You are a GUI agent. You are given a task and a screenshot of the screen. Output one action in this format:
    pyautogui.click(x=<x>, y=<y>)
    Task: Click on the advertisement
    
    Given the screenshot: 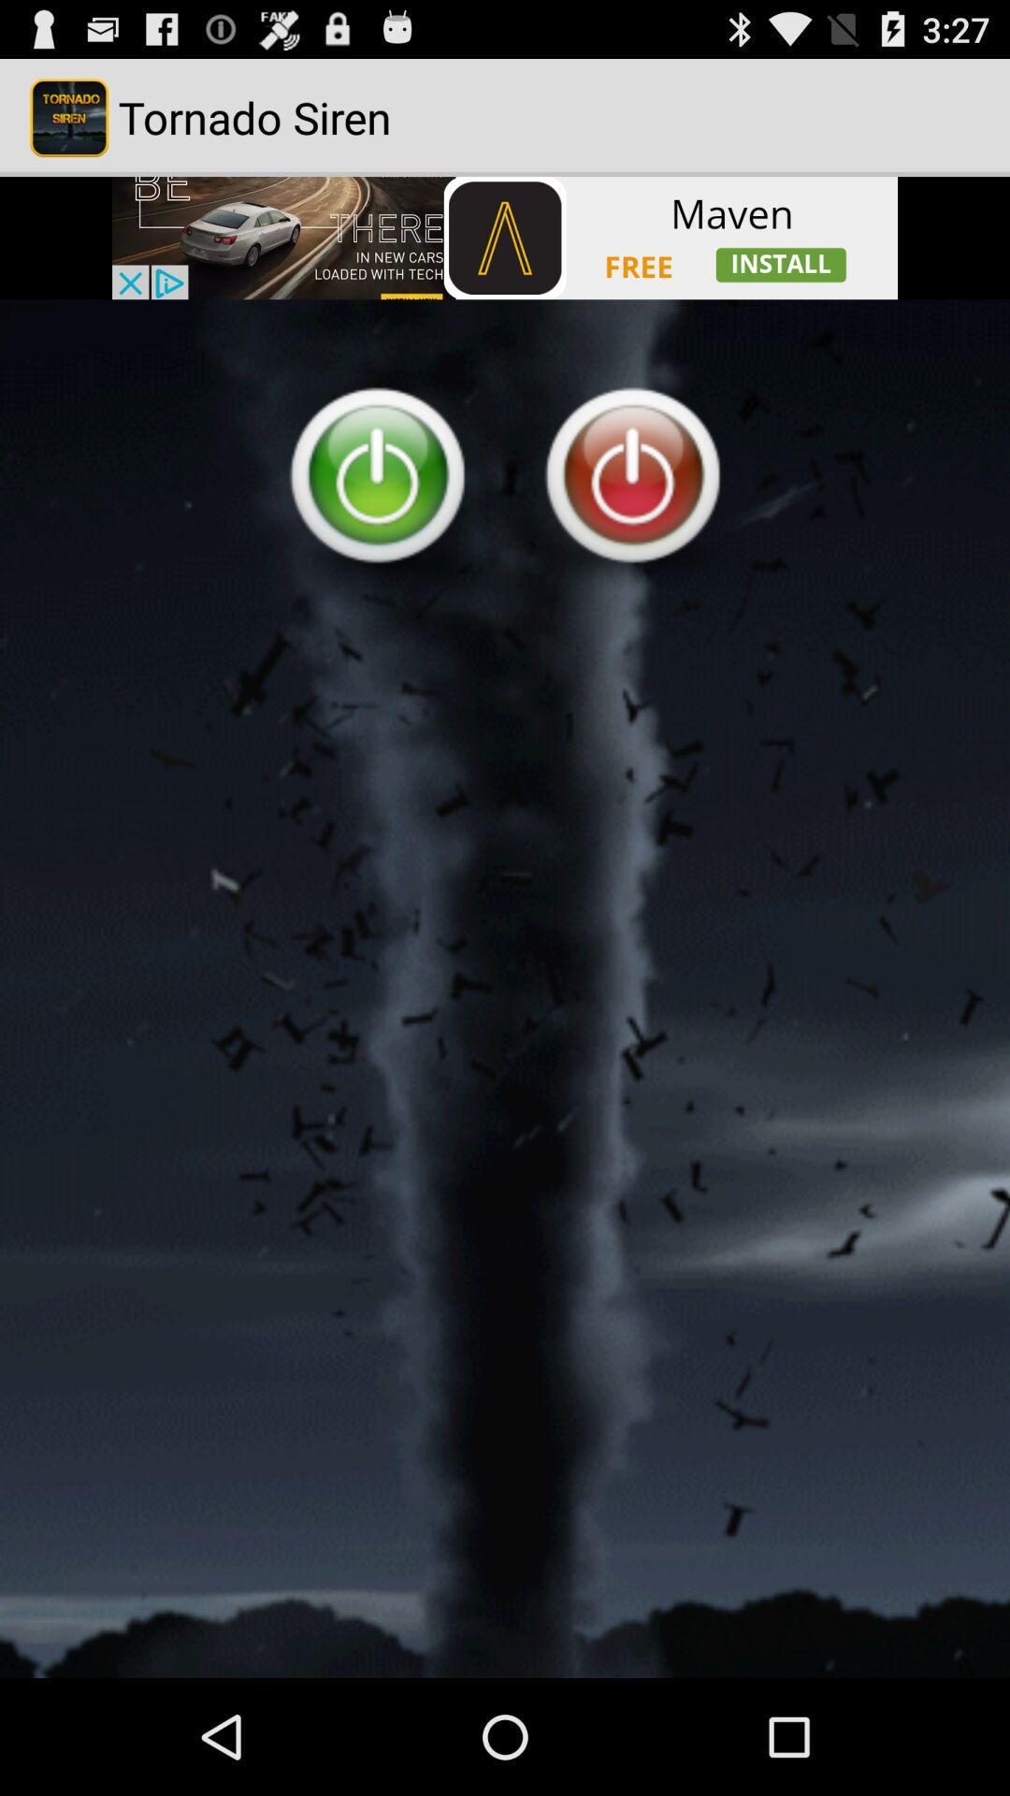 What is the action you would take?
    pyautogui.click(x=505, y=237)
    